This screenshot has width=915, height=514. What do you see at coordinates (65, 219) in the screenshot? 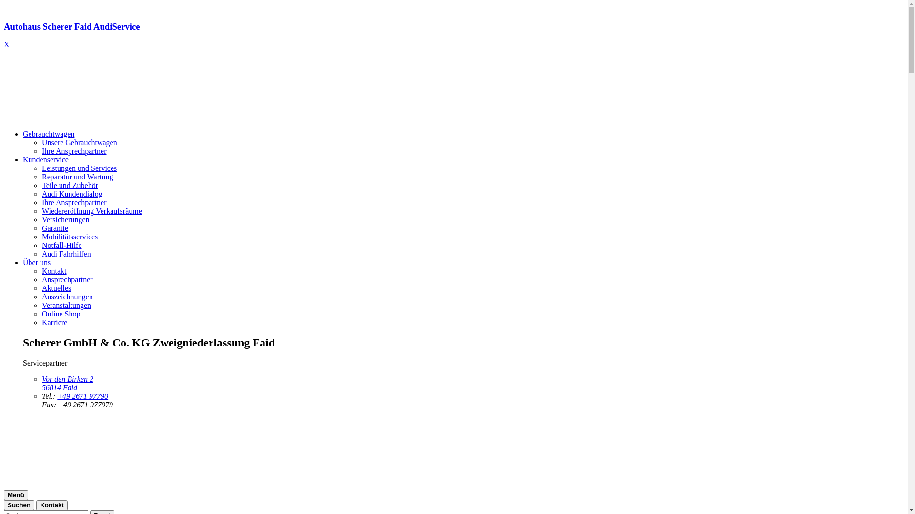
I see `'Versicherungen'` at bounding box center [65, 219].